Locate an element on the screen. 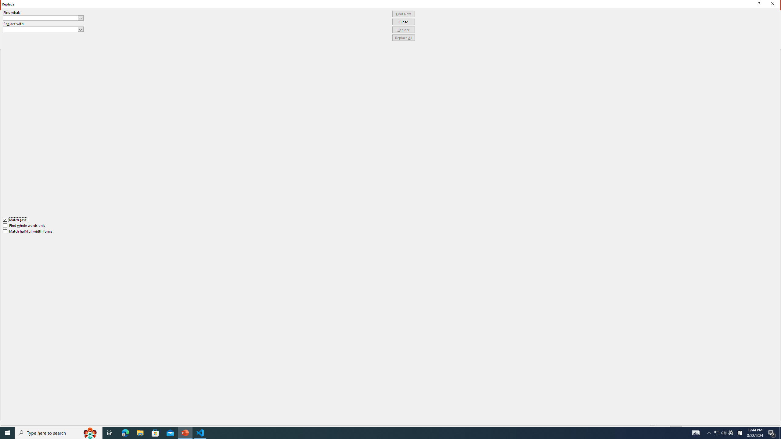 The image size is (781, 439). 'Replace' is located at coordinates (403, 29).